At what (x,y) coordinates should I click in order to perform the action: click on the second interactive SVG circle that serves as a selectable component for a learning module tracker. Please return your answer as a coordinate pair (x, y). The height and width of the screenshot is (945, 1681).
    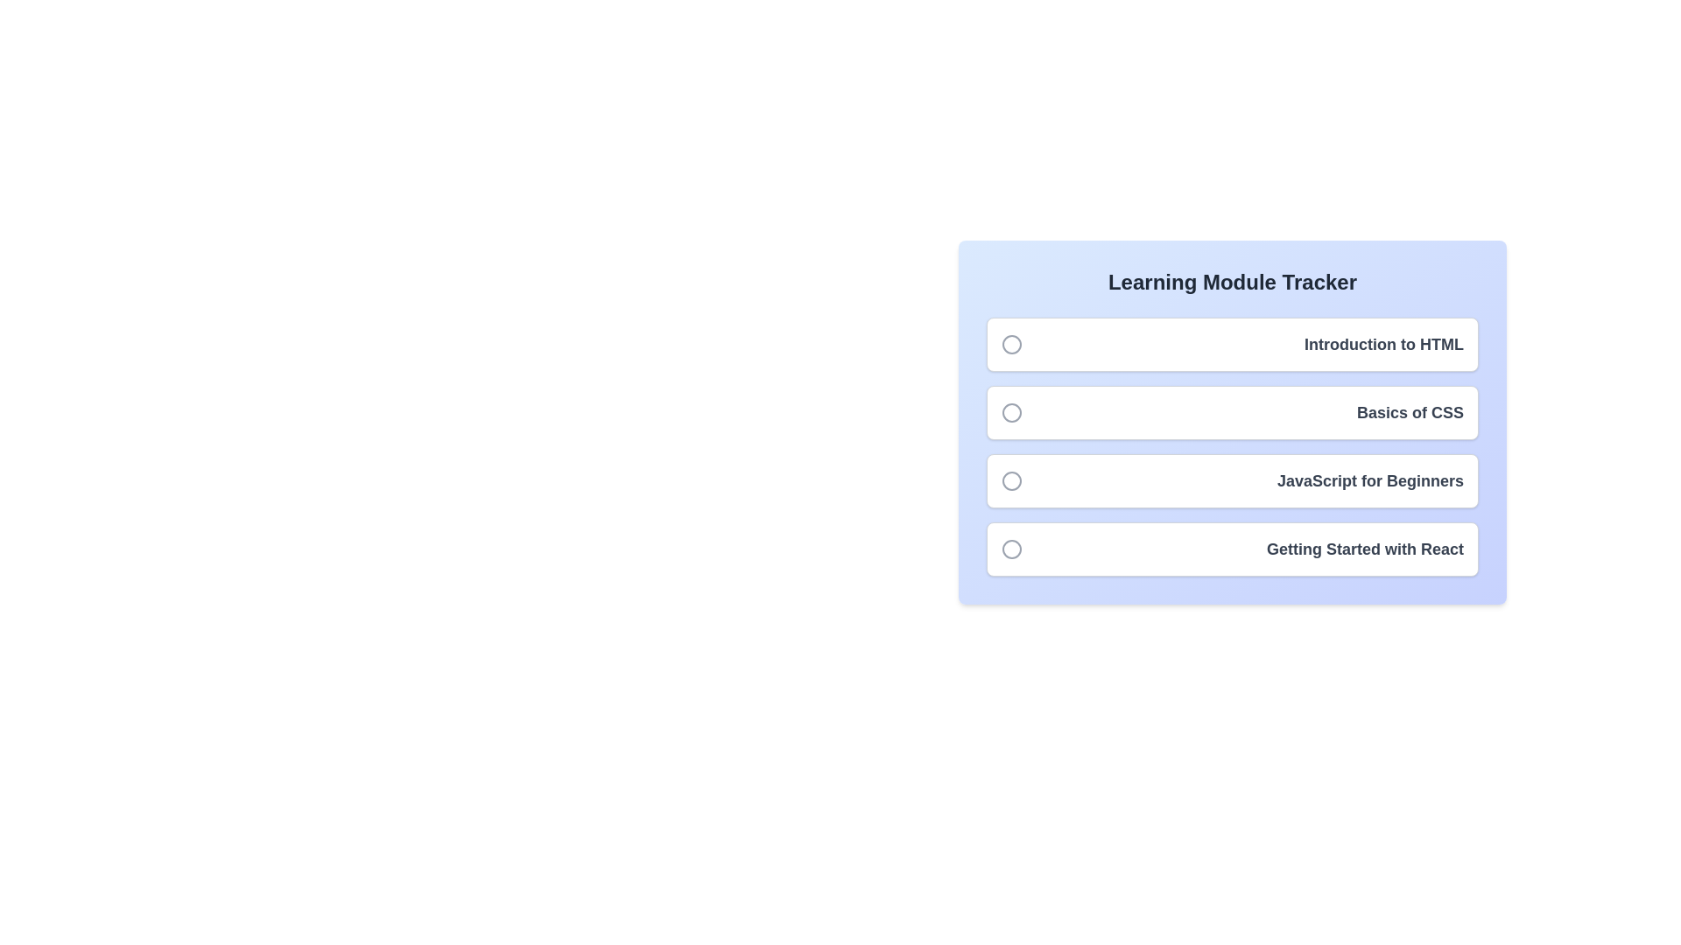
    Looking at the image, I should click on (1012, 412).